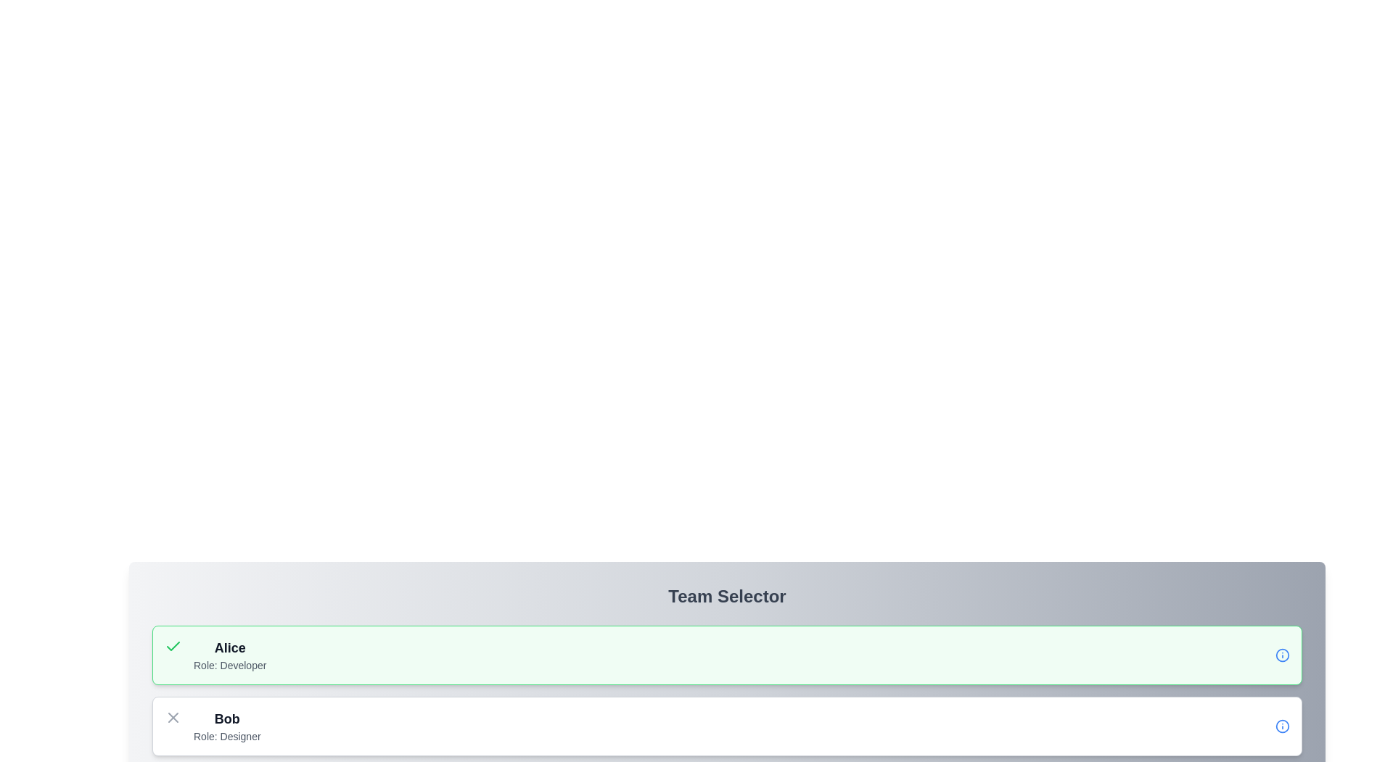 The height and width of the screenshot is (783, 1393). Describe the element at coordinates (1282, 655) in the screenshot. I see `the Informational icon, which is a blue circle with an 'i' symbol, located at the far right of the row labeled 'Alice Role: Developer'` at that location.